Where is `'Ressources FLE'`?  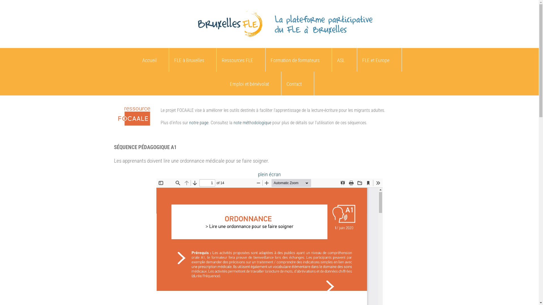 'Ressources FLE' is located at coordinates (216, 60).